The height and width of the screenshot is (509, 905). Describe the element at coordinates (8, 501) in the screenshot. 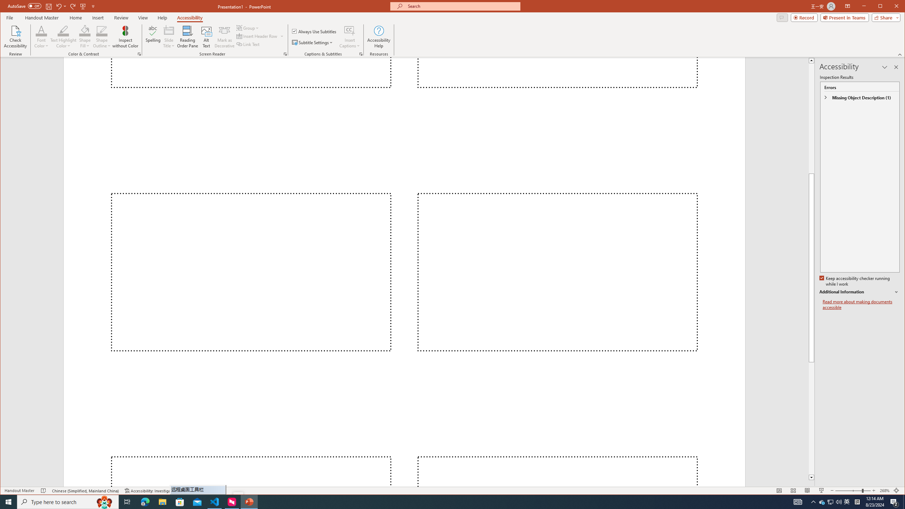

I see `'Start'` at that location.